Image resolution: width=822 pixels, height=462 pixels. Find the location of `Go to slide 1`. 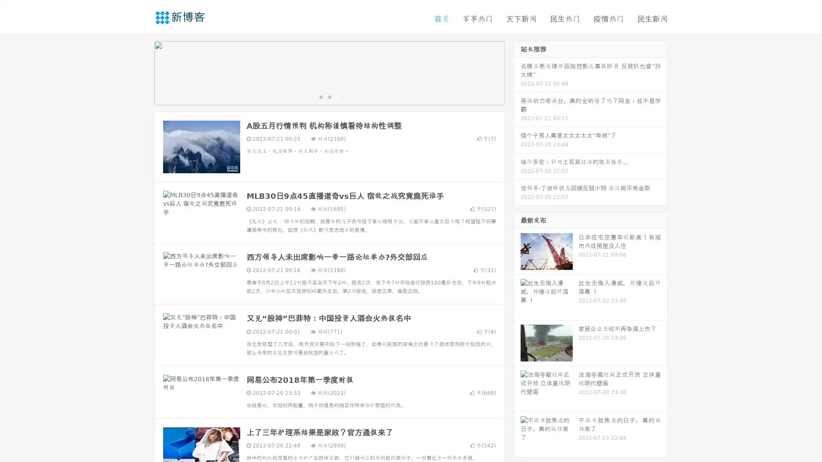

Go to slide 1 is located at coordinates (320, 96).